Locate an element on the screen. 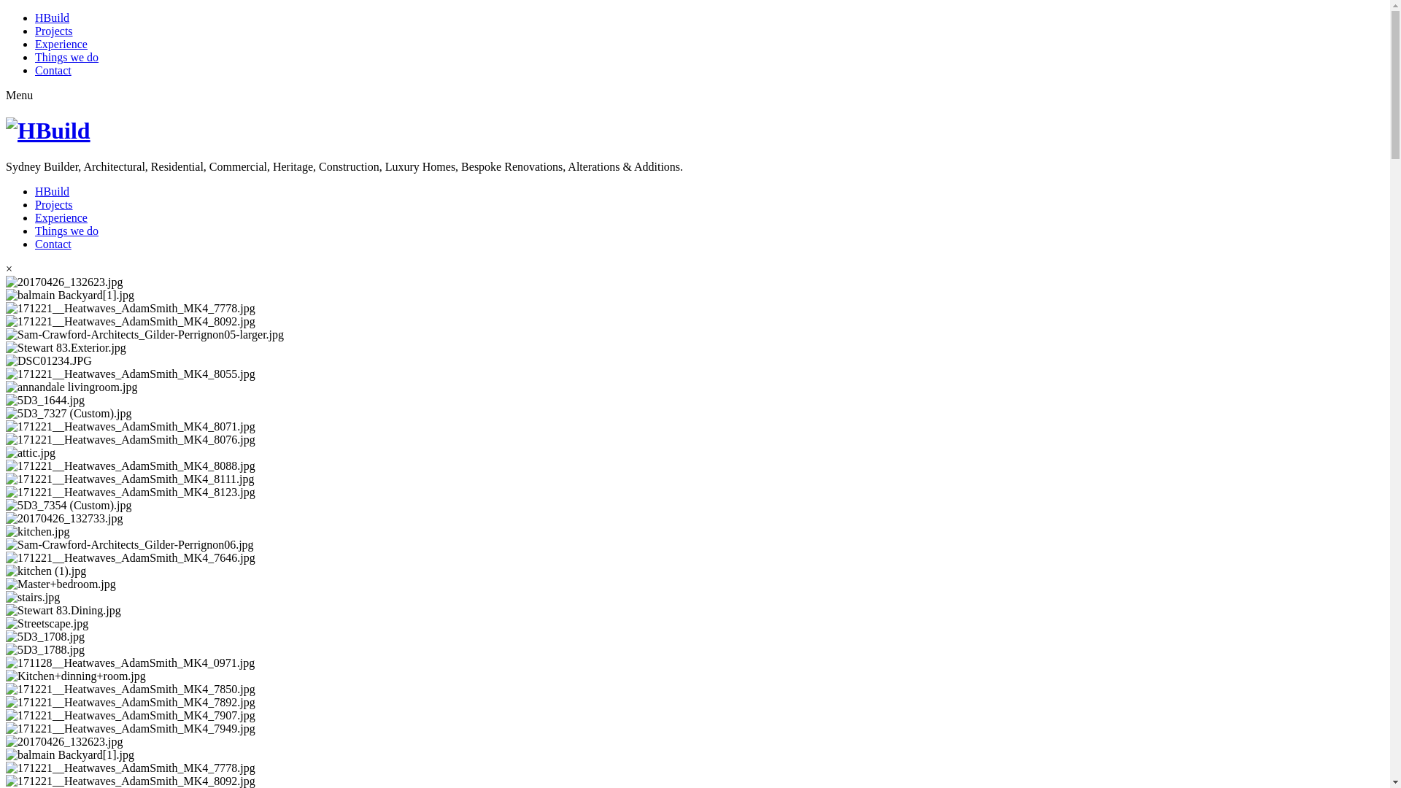 Image resolution: width=1401 pixels, height=788 pixels. 'Experience' is located at coordinates (60, 217).